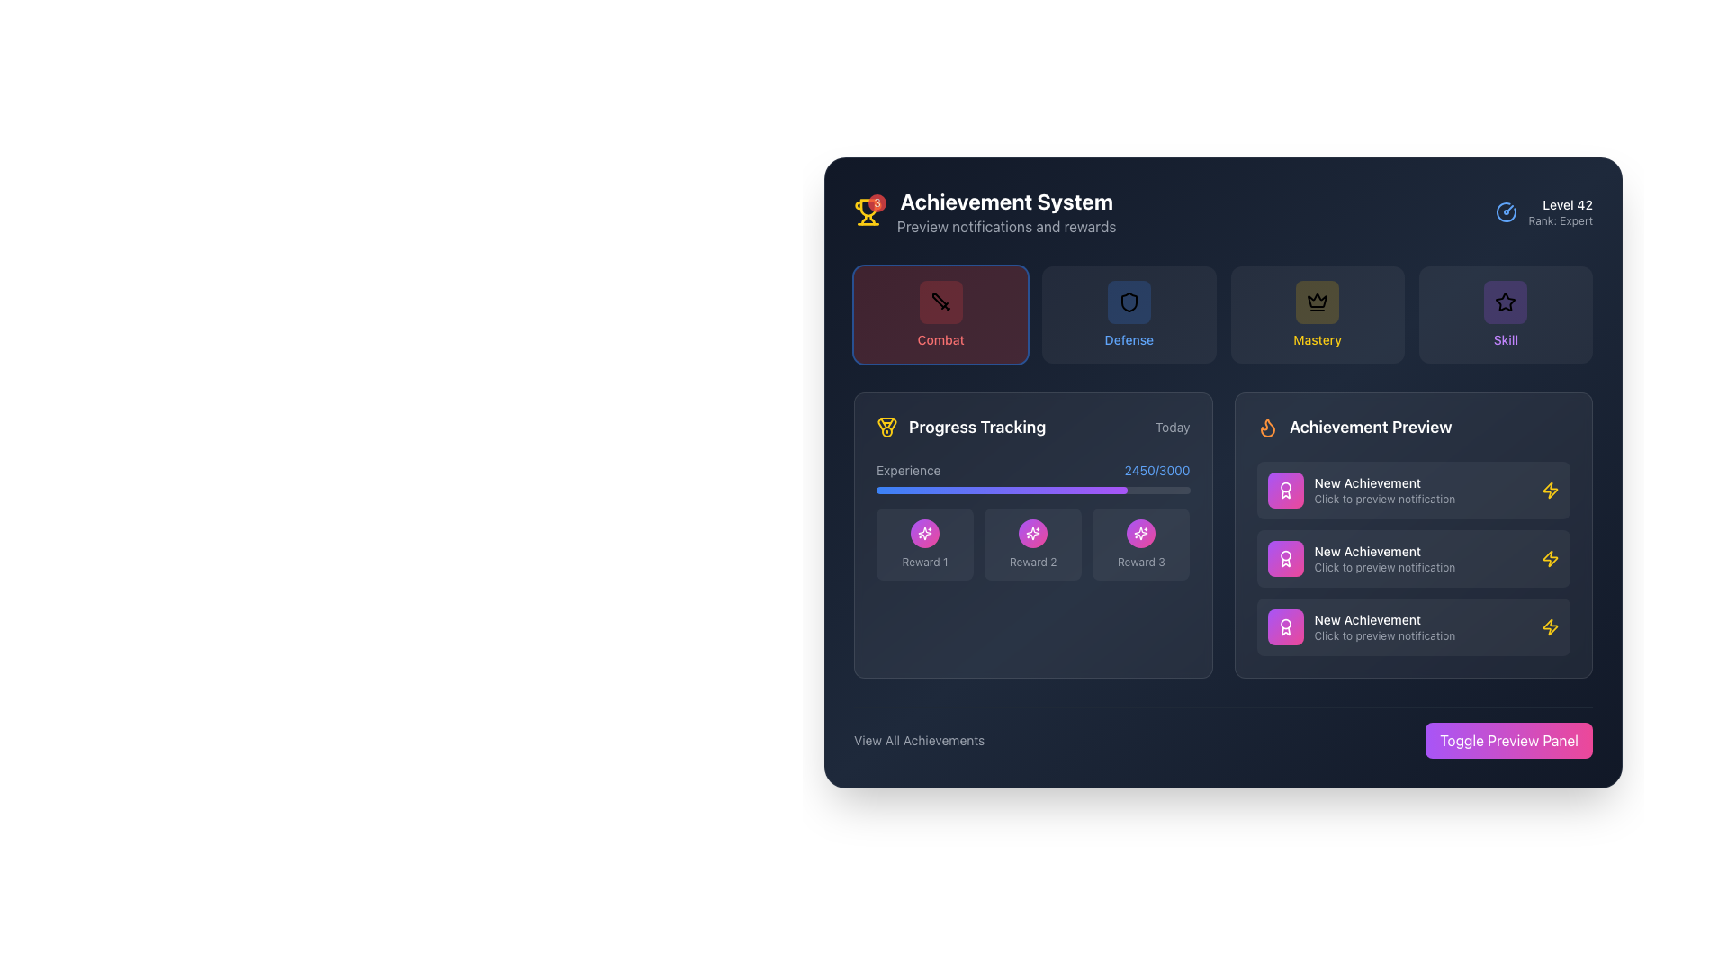  I want to click on the first button on the left in the group of four buttons, so click(940, 314).